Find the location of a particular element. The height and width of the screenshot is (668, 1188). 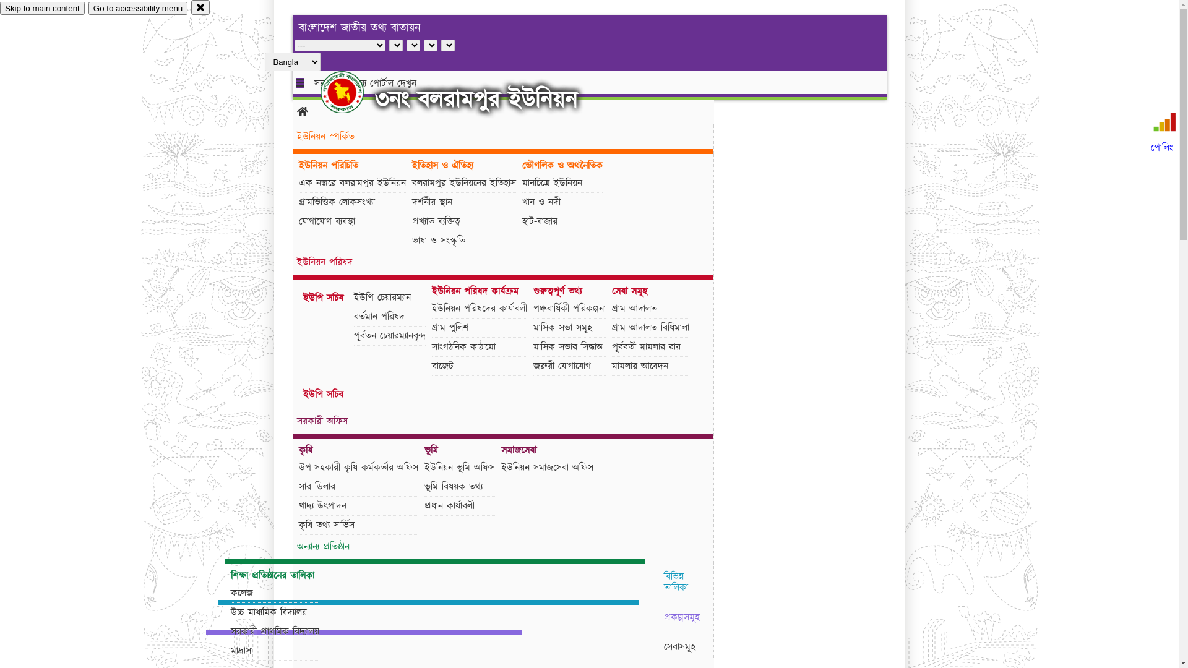

'Skip to main content' is located at coordinates (42, 8).